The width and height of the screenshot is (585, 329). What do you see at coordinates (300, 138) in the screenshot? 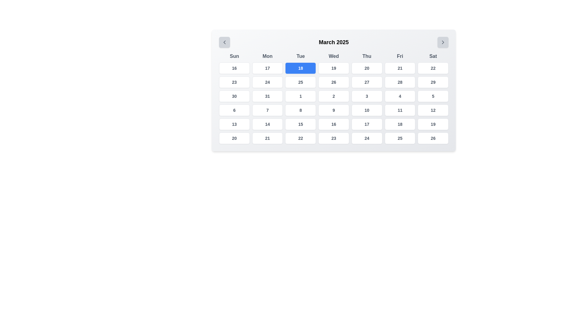
I see `the calendar day button representing the 22nd of the month located in the sixth row and third column under the 'Tue' column header` at bounding box center [300, 138].